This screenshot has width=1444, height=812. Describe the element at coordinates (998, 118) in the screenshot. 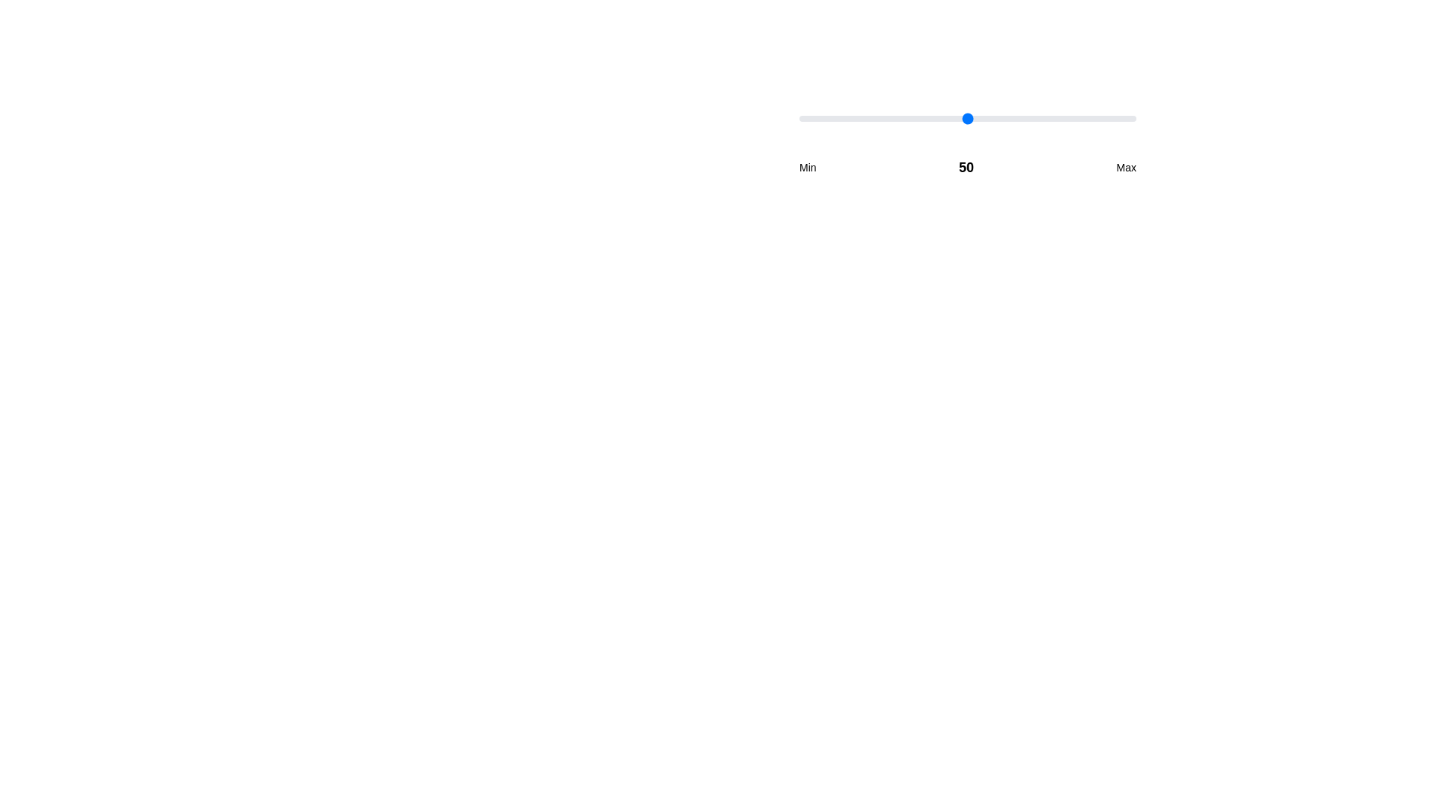

I see `the slider` at that location.